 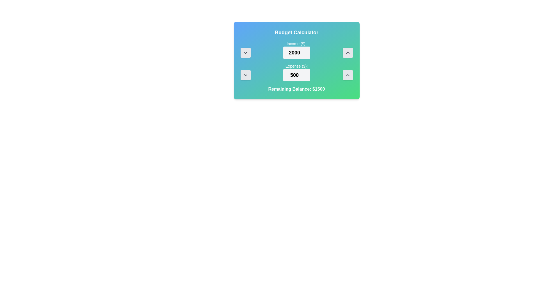 I want to click on the Number input box displaying '2000' in the Budget Calculator interface, which is centrally located under the 'Income ($):' label, so click(x=296, y=49).